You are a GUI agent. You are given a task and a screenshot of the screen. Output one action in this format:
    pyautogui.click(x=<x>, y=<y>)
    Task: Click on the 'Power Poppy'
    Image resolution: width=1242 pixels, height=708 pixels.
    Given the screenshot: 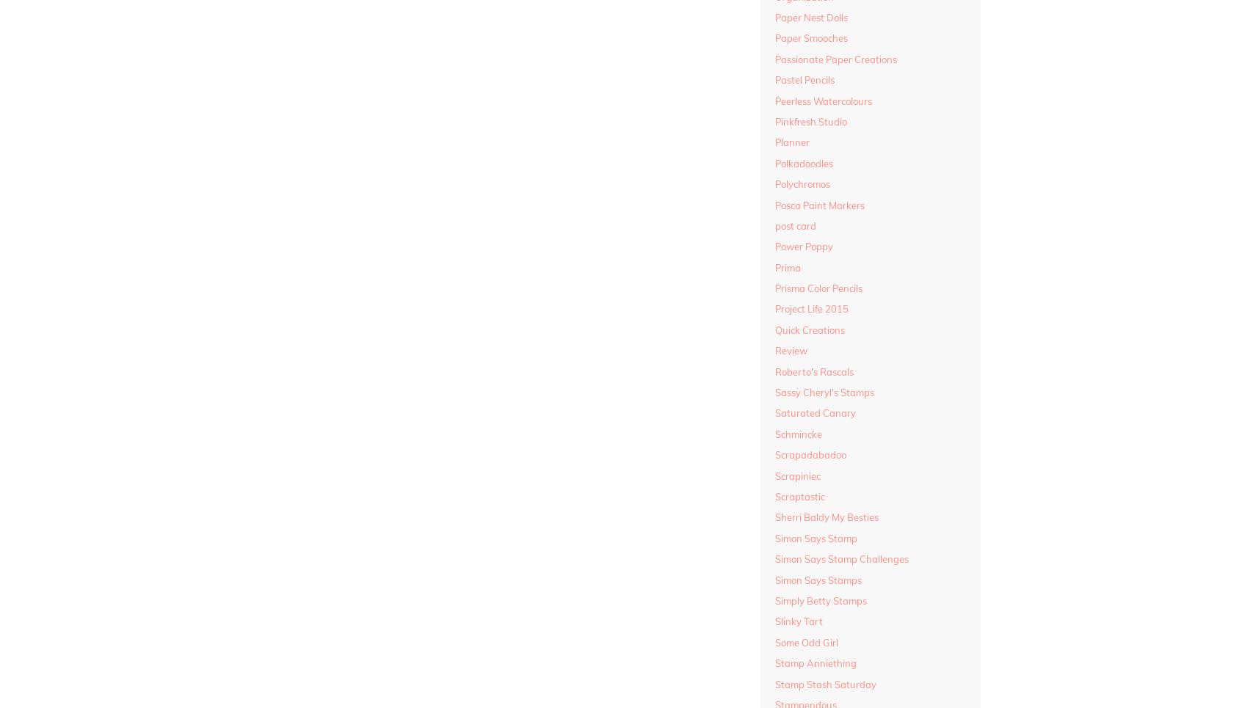 What is the action you would take?
    pyautogui.click(x=803, y=247)
    